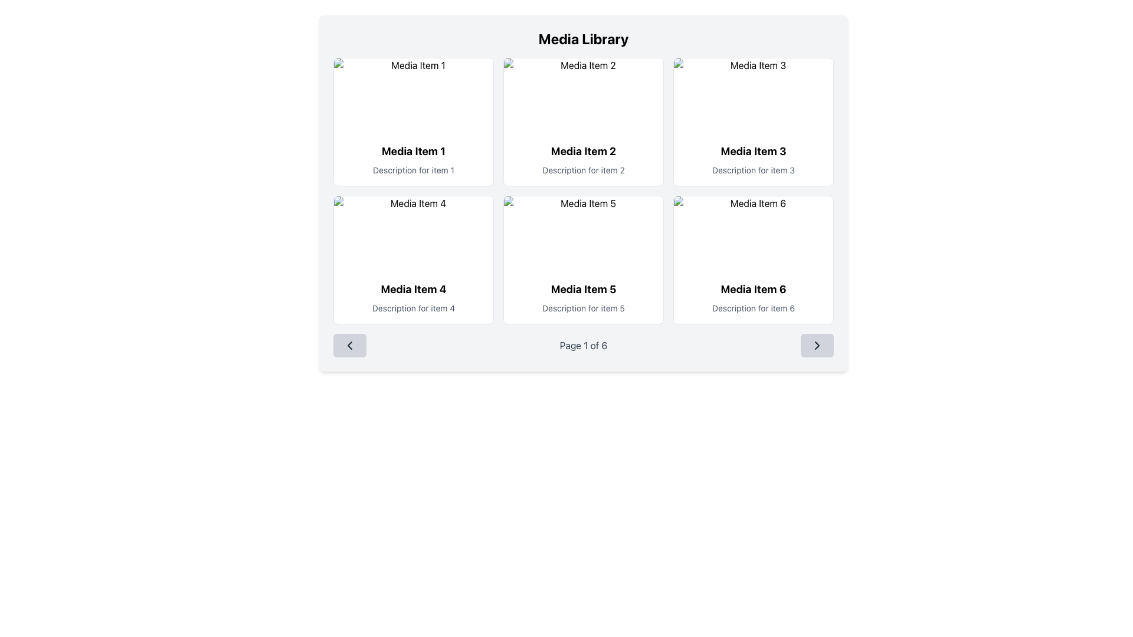 This screenshot has height=637, width=1133. I want to click on the text label that serves as the title for a media item, located in the second row, first column of the grid structure, so click(413, 289).